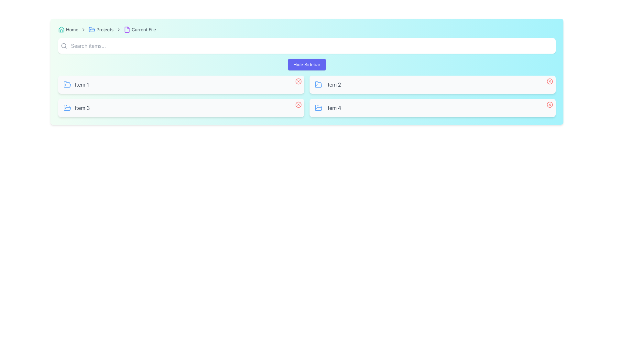 The width and height of the screenshot is (621, 349). What do you see at coordinates (549, 104) in the screenshot?
I see `the small circular red-bordered 'X' icon located in the top-right corner of the 'Item 4' box` at bounding box center [549, 104].